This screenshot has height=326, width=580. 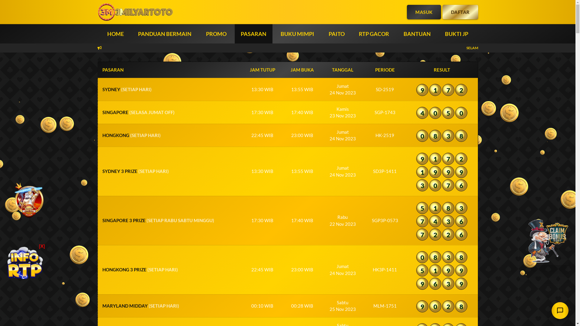 What do you see at coordinates (297, 34) in the screenshot?
I see `'BUKU MIMPI'` at bounding box center [297, 34].